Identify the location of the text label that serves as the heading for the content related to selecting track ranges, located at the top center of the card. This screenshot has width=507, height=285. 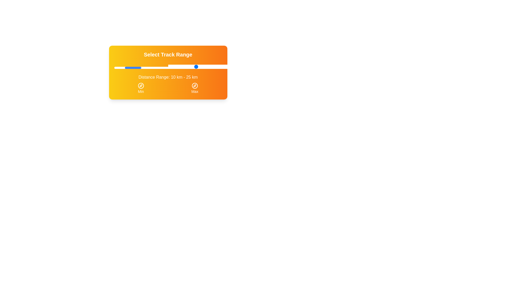
(168, 55).